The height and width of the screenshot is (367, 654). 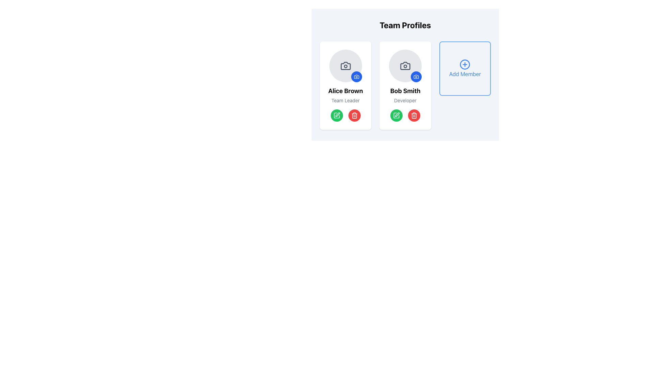 I want to click on the camera-shaped icon located in the center of the circular graphical area of the first card labeled 'Alice Brown' in the 'Team Profiles' section, so click(x=345, y=66).